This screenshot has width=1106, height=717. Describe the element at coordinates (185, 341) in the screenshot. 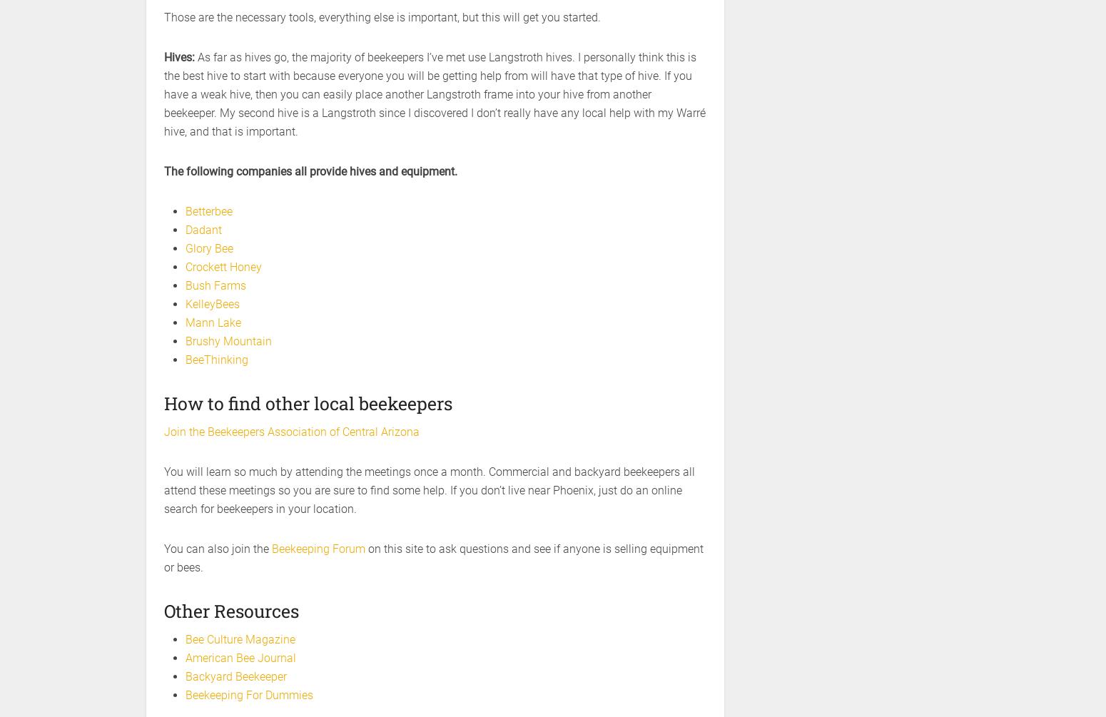

I see `'Brushy Mountain'` at that location.